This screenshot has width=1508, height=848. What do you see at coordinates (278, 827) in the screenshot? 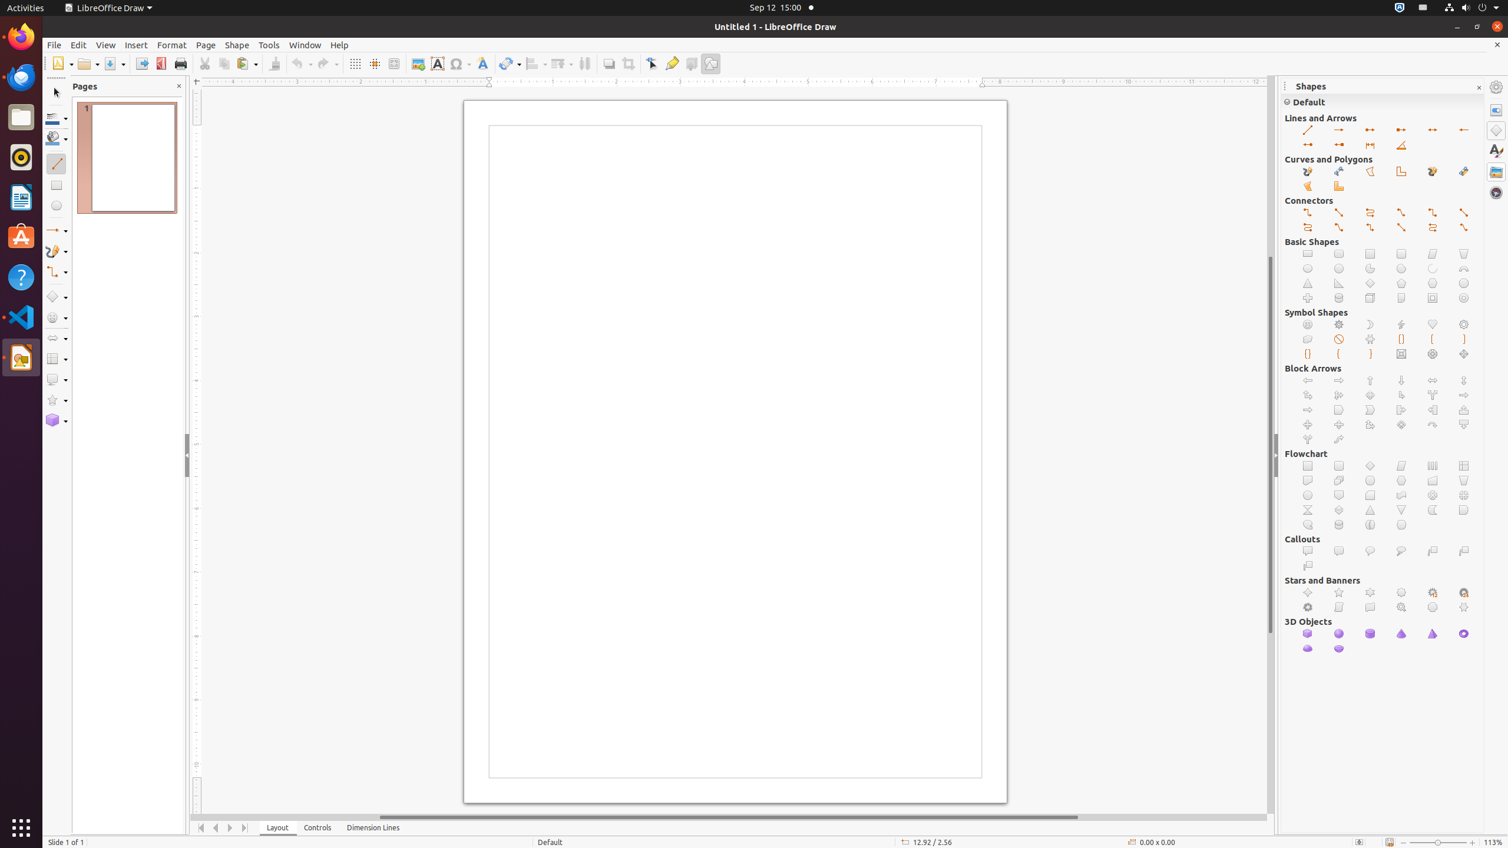
I see `'Layout'` at bounding box center [278, 827].